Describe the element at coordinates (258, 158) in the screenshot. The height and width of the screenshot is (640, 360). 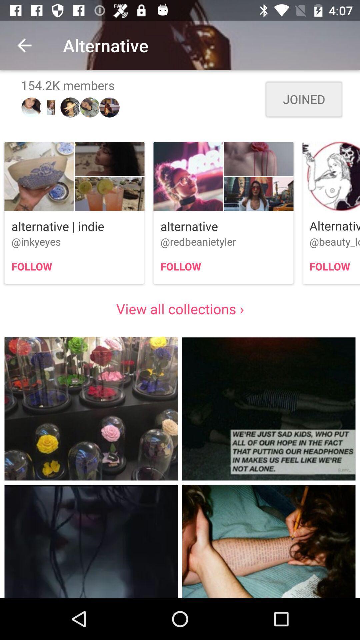
I see `second image above alternative` at that location.